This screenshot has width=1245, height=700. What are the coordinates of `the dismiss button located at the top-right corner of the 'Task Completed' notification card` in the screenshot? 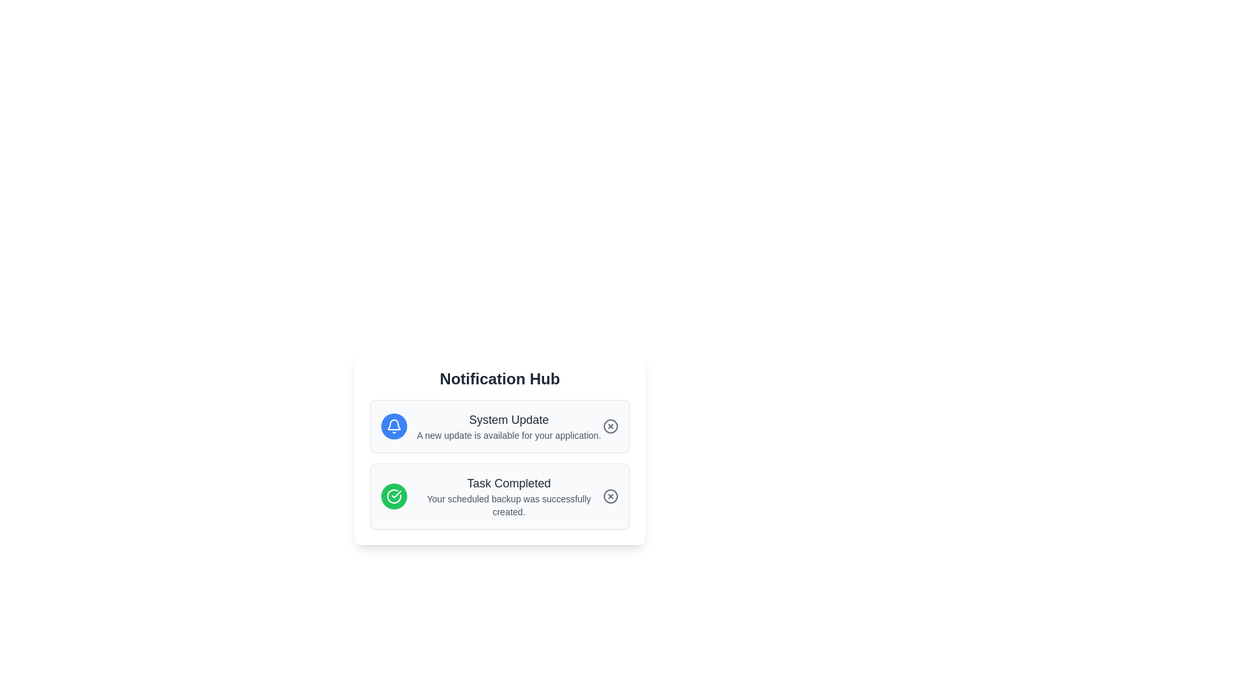 It's located at (610, 496).